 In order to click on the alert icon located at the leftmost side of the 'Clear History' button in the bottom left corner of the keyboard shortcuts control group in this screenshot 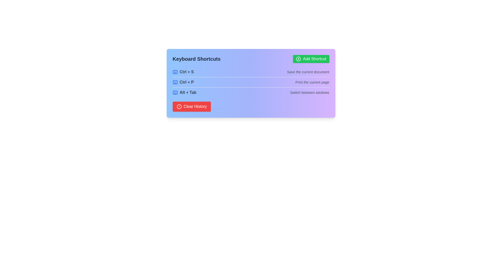, I will do `click(179, 106)`.